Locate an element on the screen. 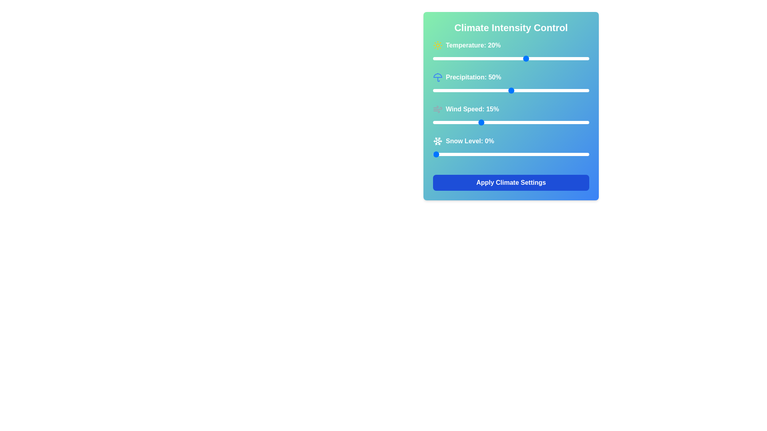 This screenshot has height=431, width=767. Precipitation is located at coordinates (567, 90).